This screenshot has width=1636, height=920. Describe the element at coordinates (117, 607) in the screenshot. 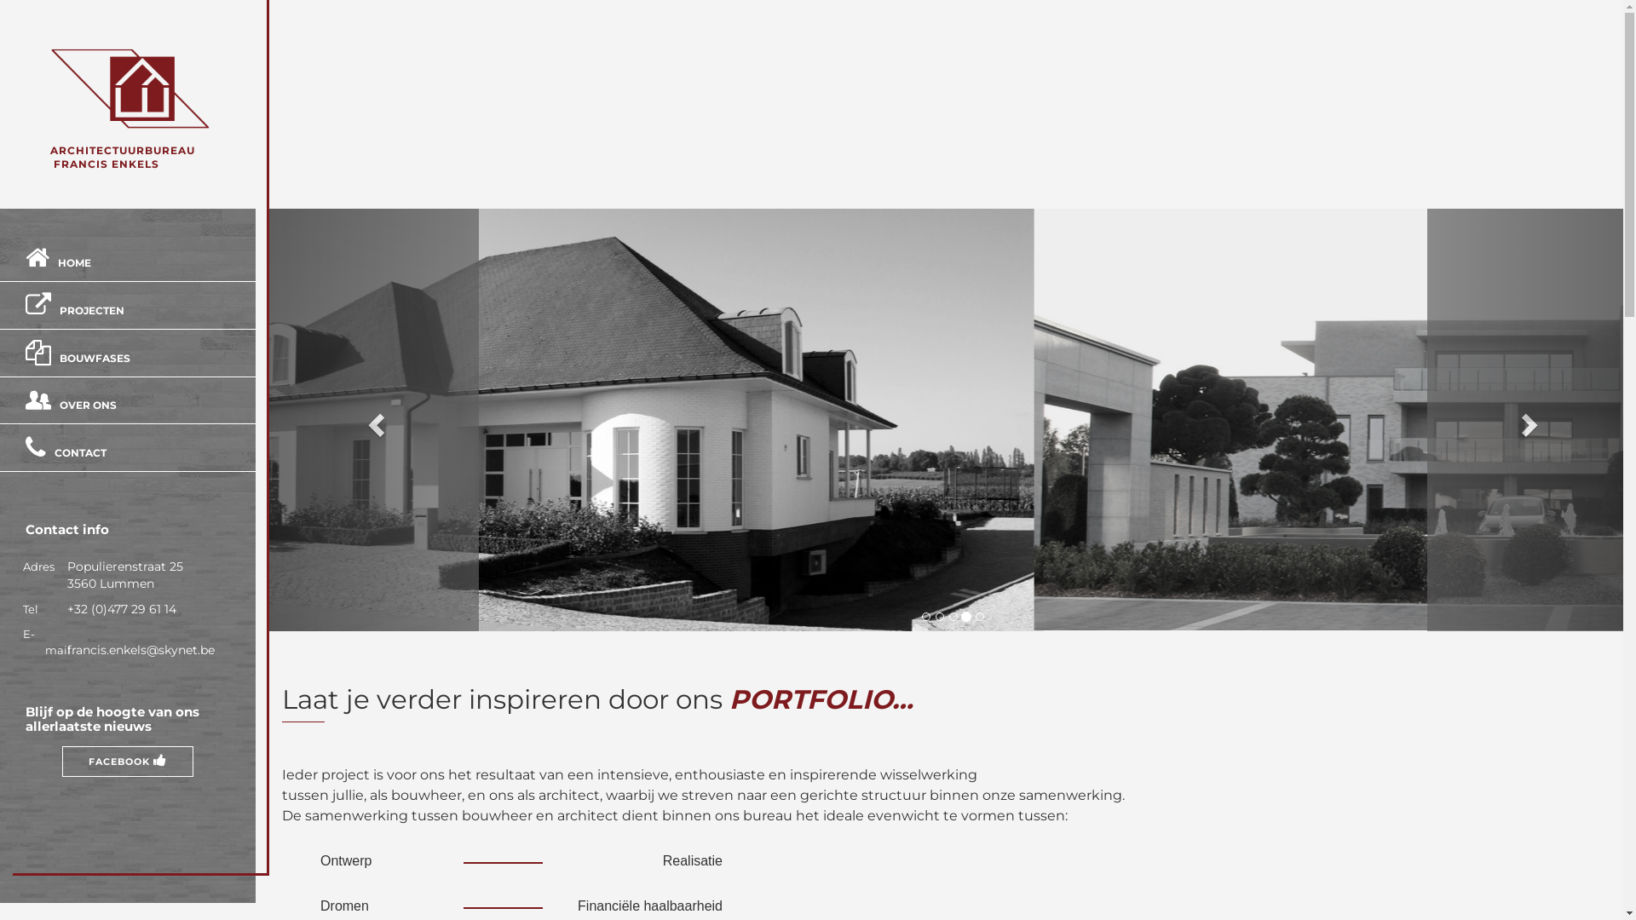

I see `'+32 (0)477 29 61 14'` at that location.